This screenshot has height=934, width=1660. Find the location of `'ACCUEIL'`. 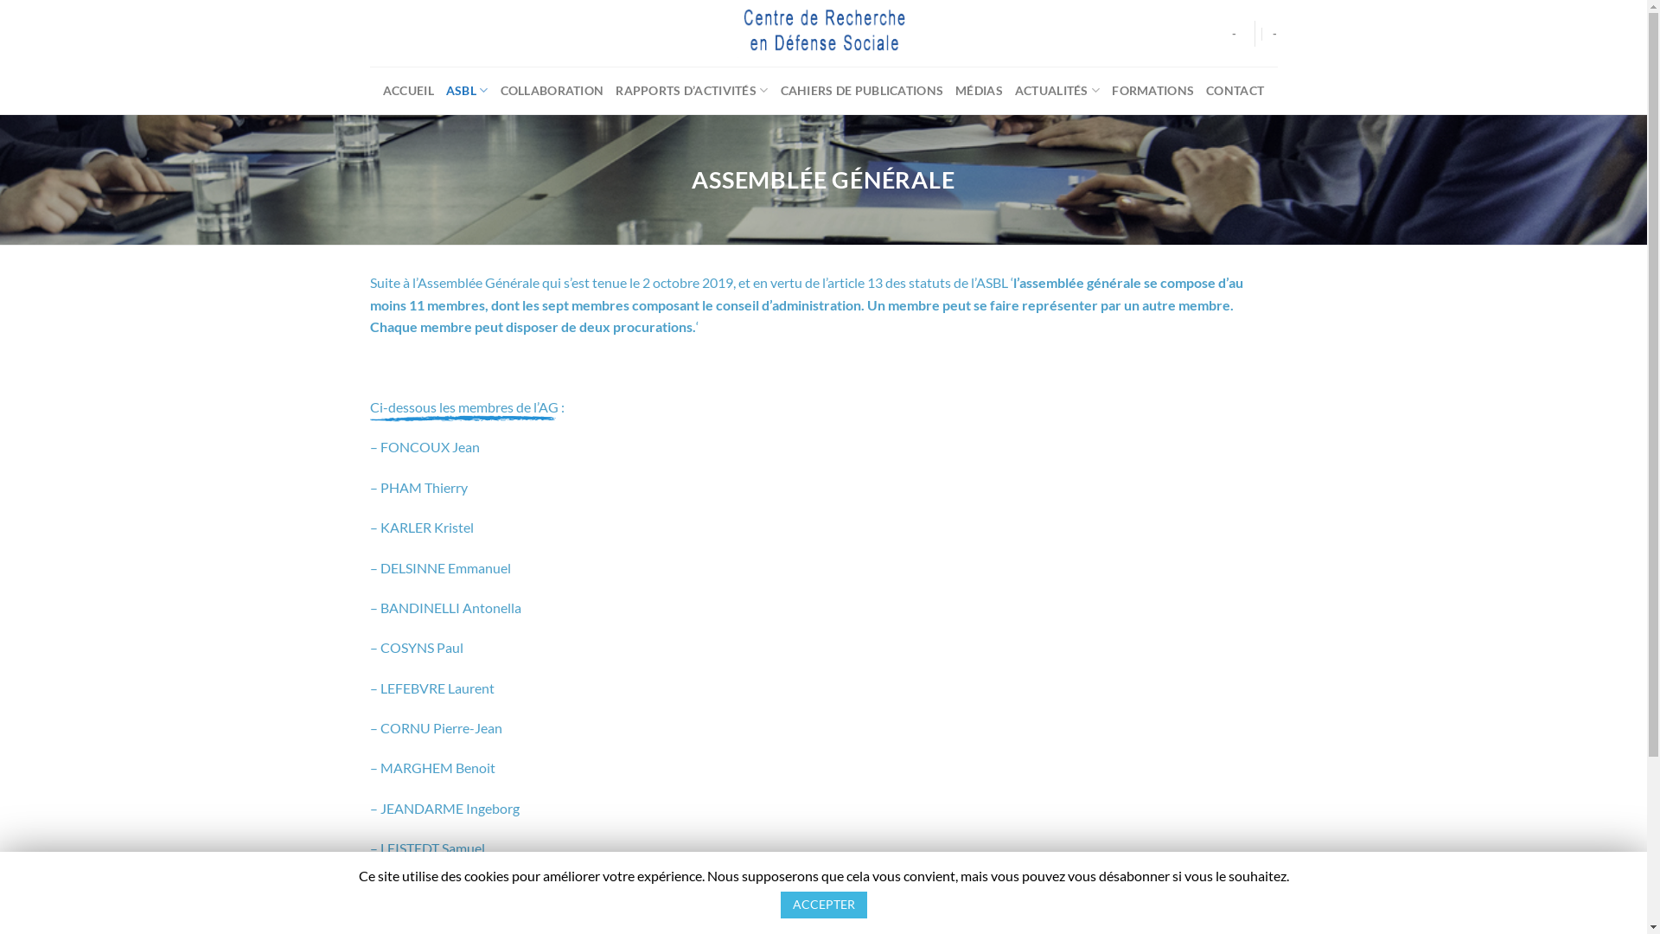

'ACCUEIL' is located at coordinates (407, 90).